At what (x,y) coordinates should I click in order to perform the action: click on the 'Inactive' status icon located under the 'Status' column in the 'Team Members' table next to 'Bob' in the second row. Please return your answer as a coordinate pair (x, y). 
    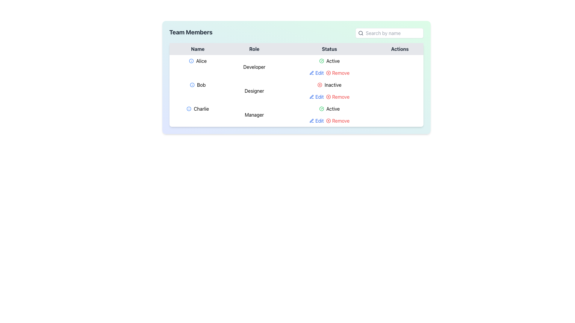
    Looking at the image, I should click on (320, 85).